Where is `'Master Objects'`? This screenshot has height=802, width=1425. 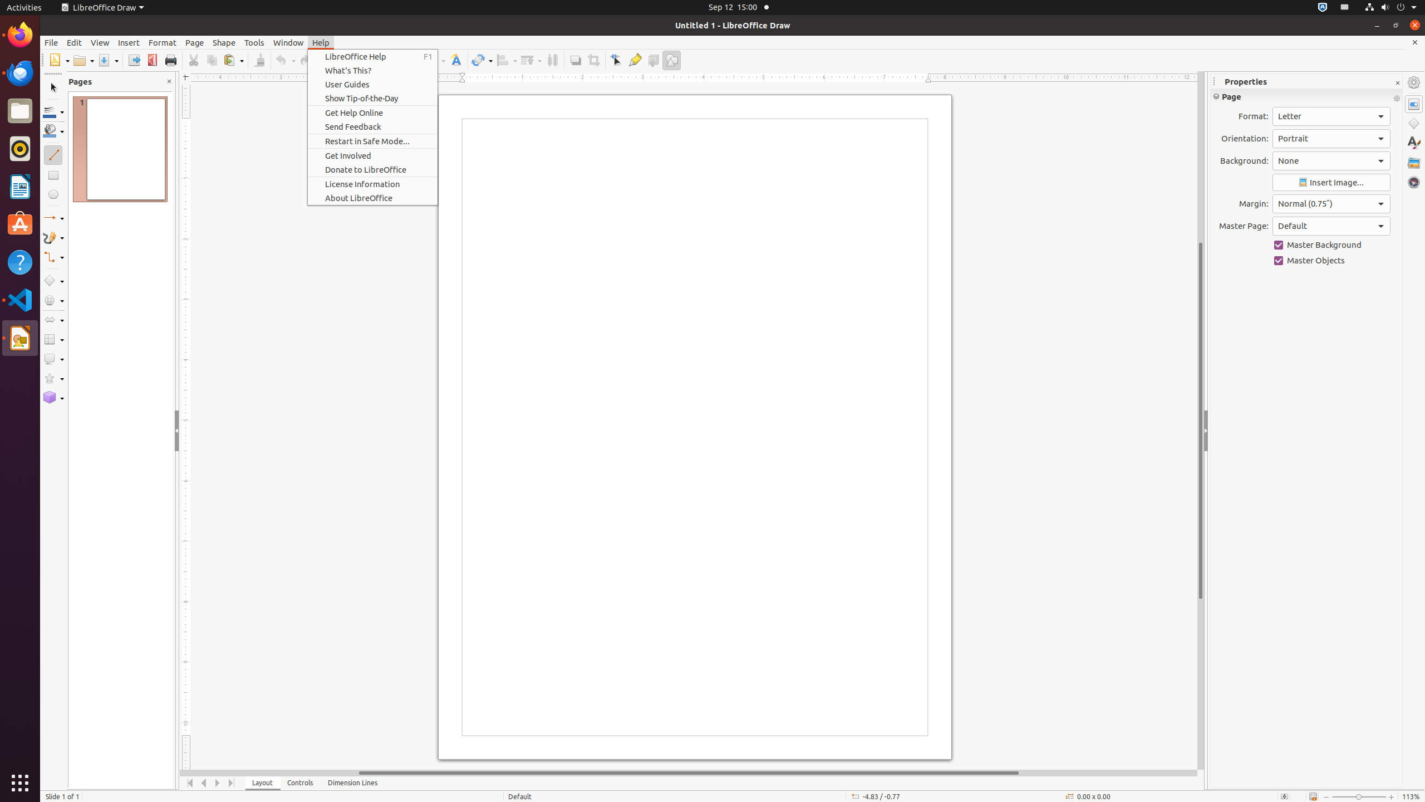 'Master Objects' is located at coordinates (1331, 260).